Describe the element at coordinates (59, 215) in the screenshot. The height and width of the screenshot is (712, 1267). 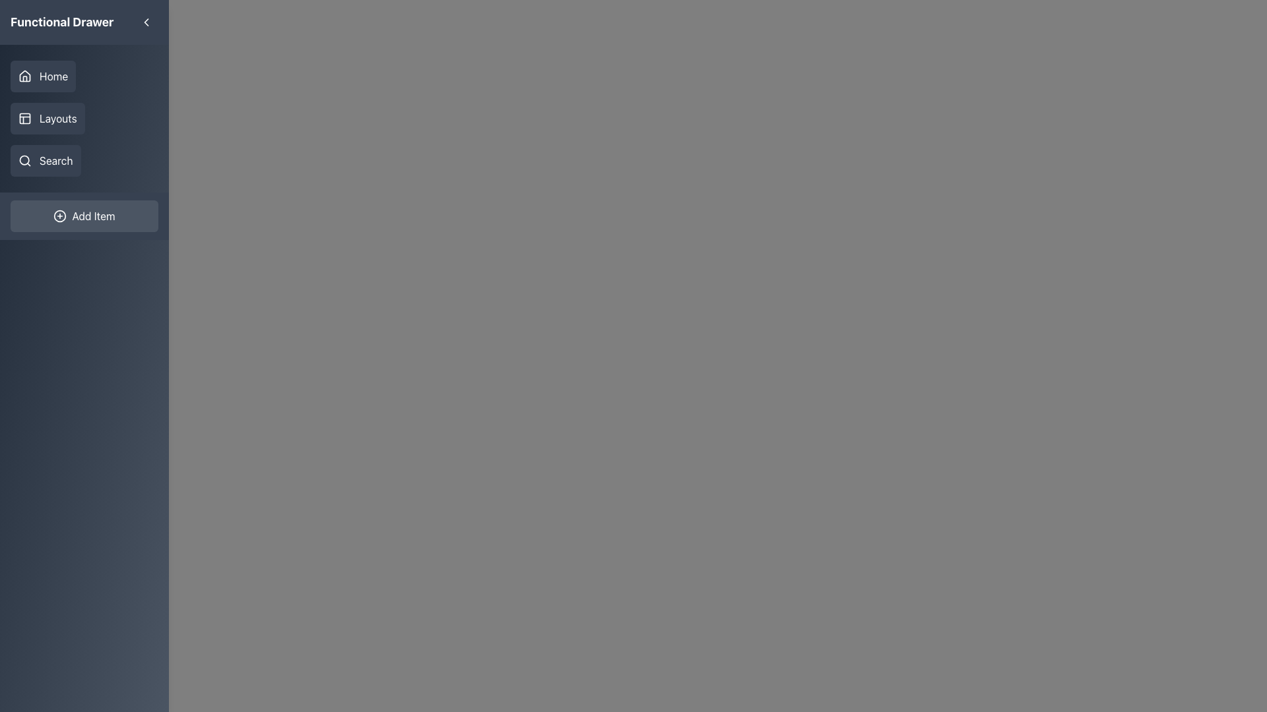
I see `the circular 'Add' icon with a plus sign, located within the 'Add Item' button at the bottom section of the drawer menu` at that location.